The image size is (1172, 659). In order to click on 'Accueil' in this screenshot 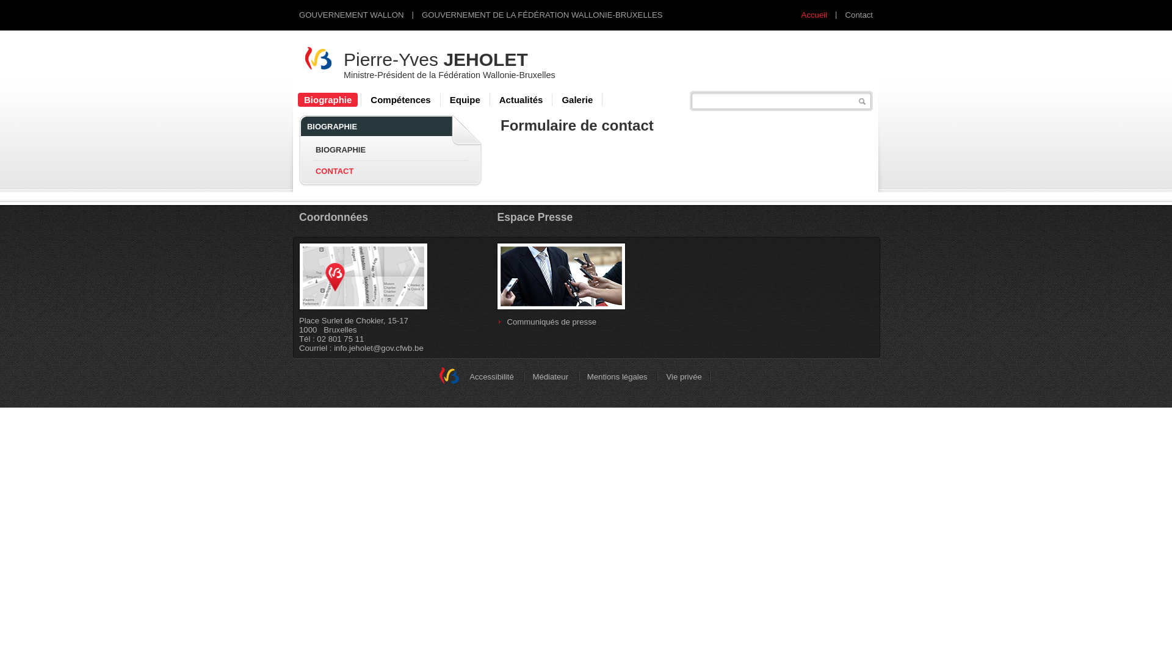, I will do `click(814, 15)`.